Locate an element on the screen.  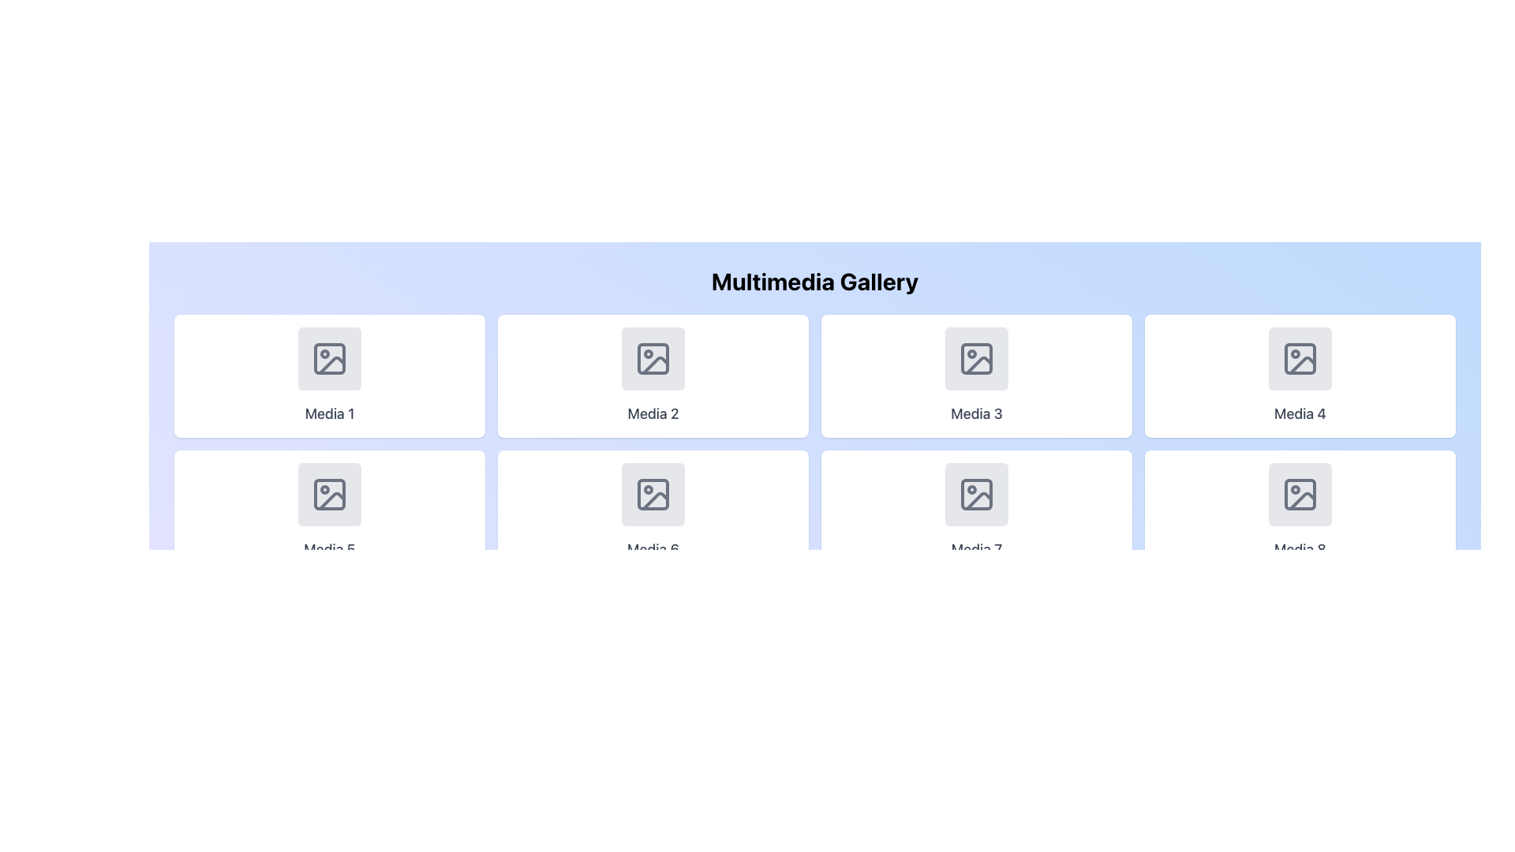
the 'Media 5' icon, which is a grayish icon with a rectangular outline containing a circular and triangular motif, located in the second row, first column of the multimedia gallery is located at coordinates (328, 494).